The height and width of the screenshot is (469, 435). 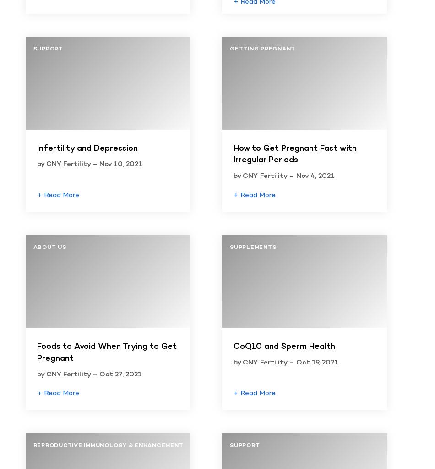 I want to click on 'Nov 4, 2021', so click(x=315, y=176).